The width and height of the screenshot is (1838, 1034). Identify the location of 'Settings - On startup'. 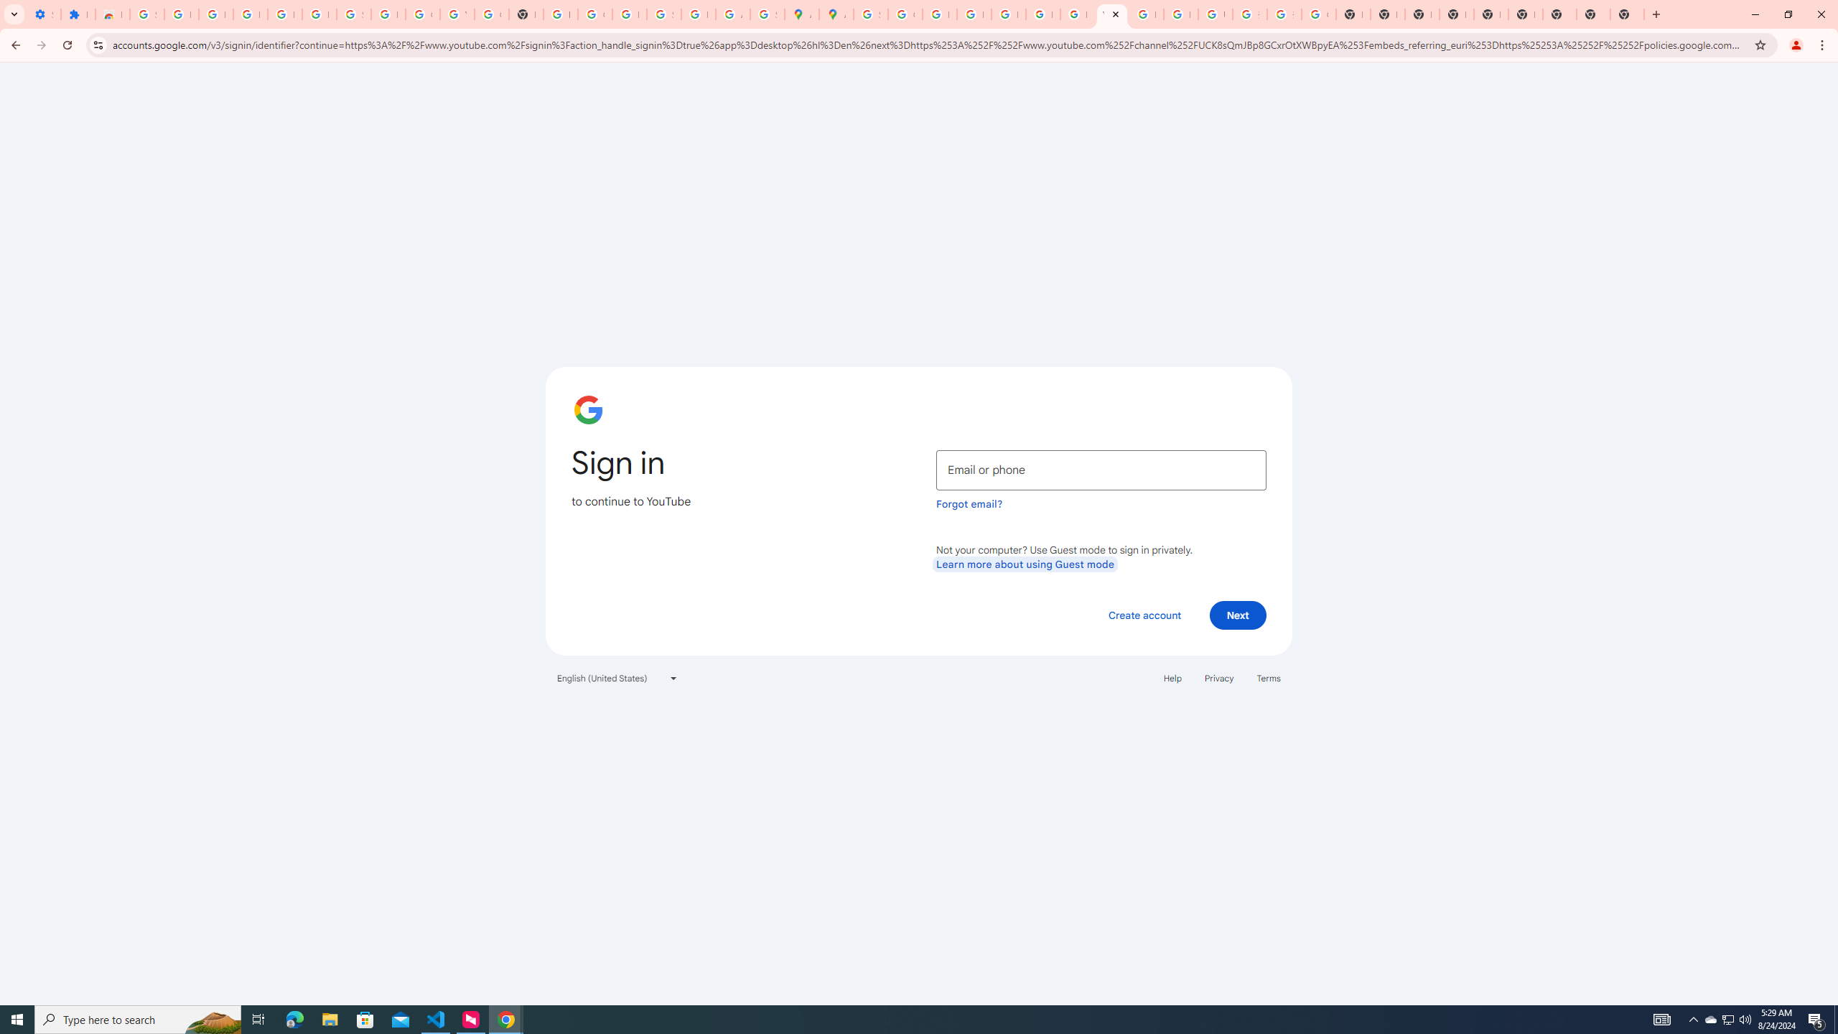
(44, 14).